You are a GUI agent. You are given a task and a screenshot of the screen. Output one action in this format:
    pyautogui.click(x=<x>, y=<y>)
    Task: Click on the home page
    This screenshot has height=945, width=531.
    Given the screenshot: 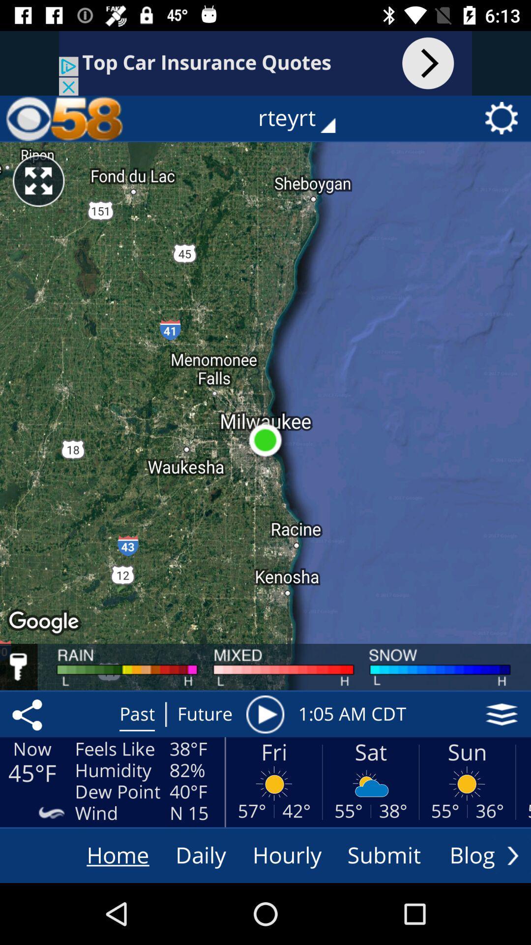 What is the action you would take?
    pyautogui.click(x=64, y=118)
    